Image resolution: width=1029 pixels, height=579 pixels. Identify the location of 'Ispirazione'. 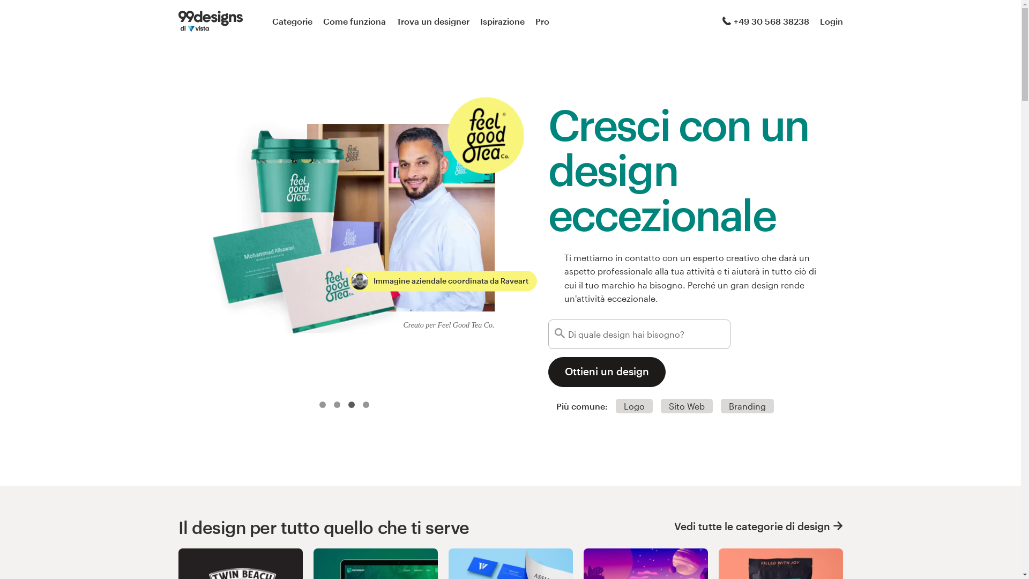
(502, 21).